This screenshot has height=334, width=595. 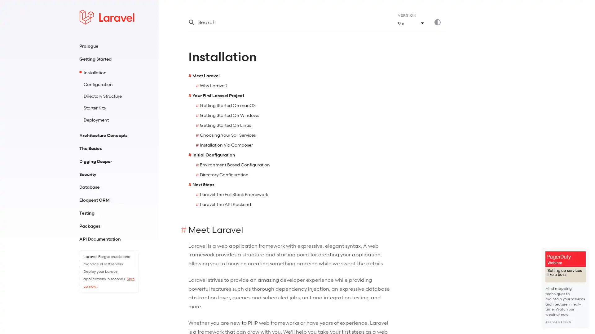 What do you see at coordinates (285, 22) in the screenshot?
I see `Search` at bounding box center [285, 22].